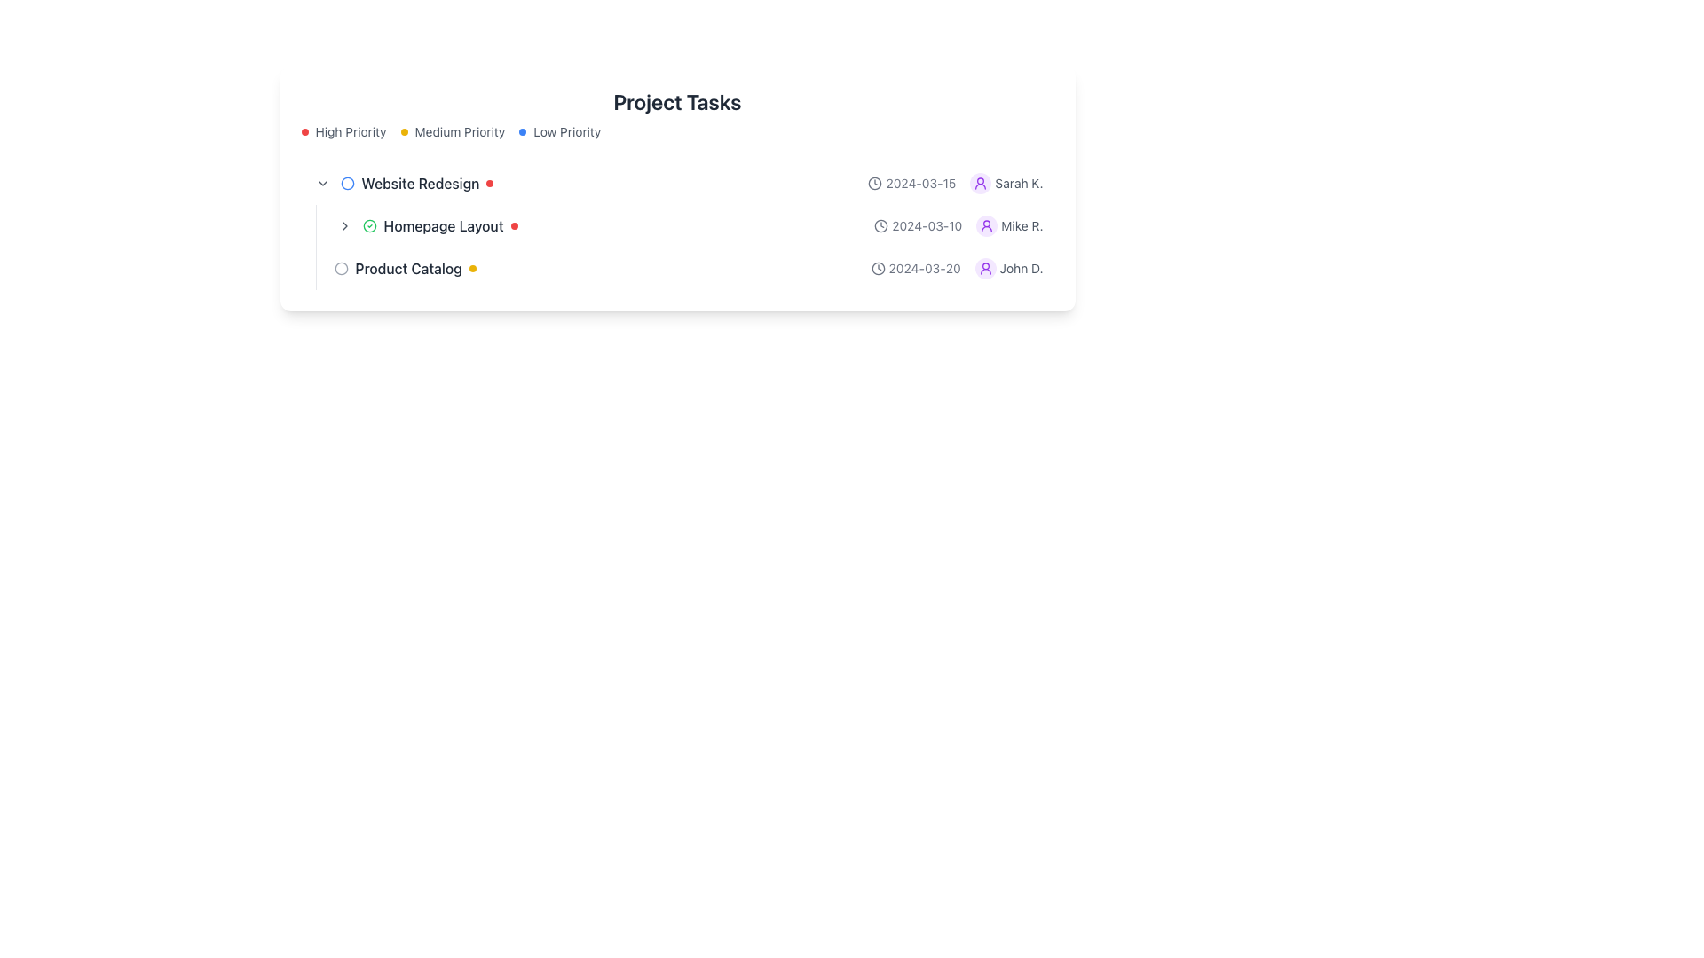 The image size is (1704, 958). Describe the element at coordinates (368, 224) in the screenshot. I see `the Circle element within the SVG graphic that serves as a visual indicator for the checked status next to 'Homepage Layout'` at that location.